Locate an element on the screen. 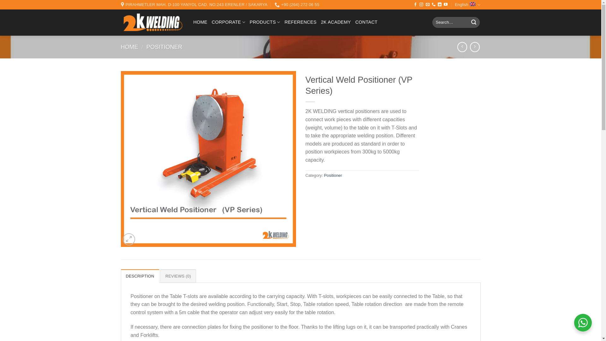 The image size is (606, 341). 'CORPORATE' is located at coordinates (228, 22).